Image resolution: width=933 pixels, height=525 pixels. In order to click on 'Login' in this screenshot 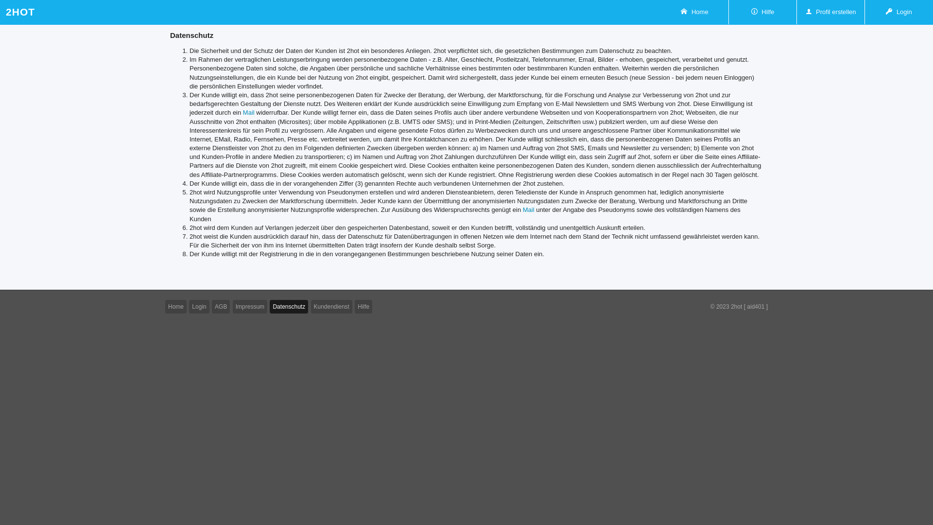, I will do `click(189, 306)`.